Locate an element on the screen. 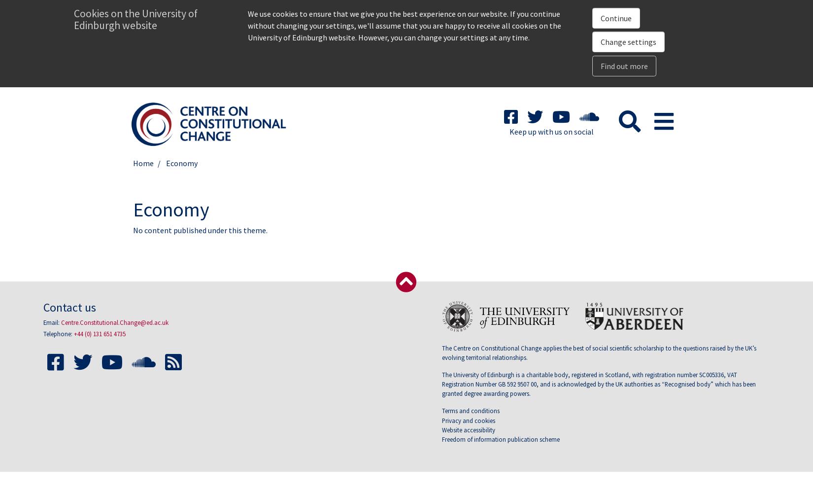 This screenshot has width=813, height=493. 'Continue' is located at coordinates (615, 18).